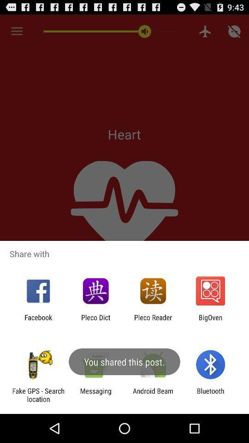 The width and height of the screenshot is (249, 443). What do you see at coordinates (210, 321) in the screenshot?
I see `bigoven icon` at bounding box center [210, 321].